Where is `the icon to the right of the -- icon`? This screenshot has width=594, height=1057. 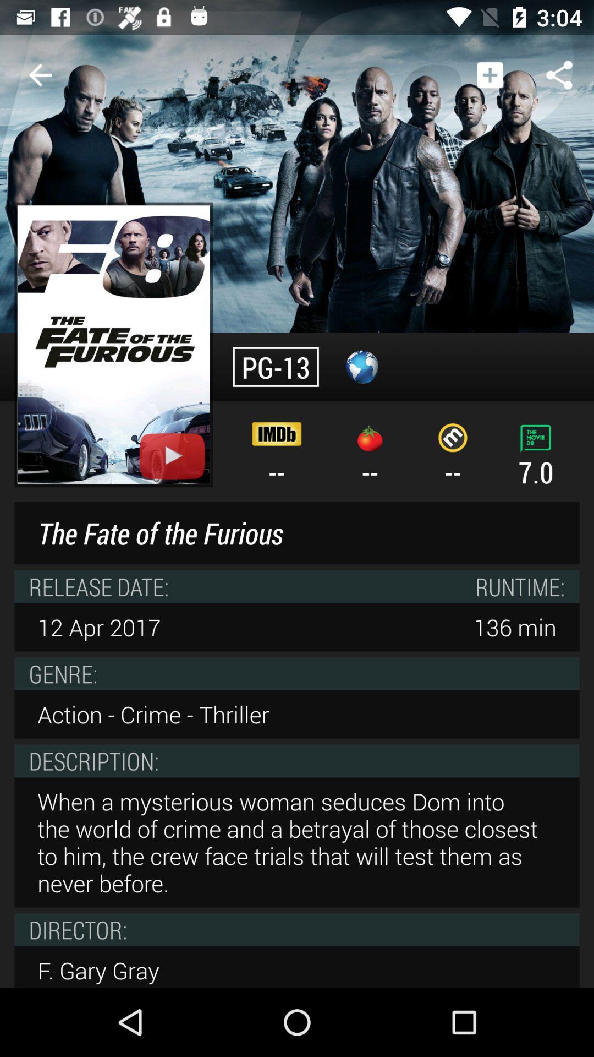
the icon to the right of the -- icon is located at coordinates (370, 458).